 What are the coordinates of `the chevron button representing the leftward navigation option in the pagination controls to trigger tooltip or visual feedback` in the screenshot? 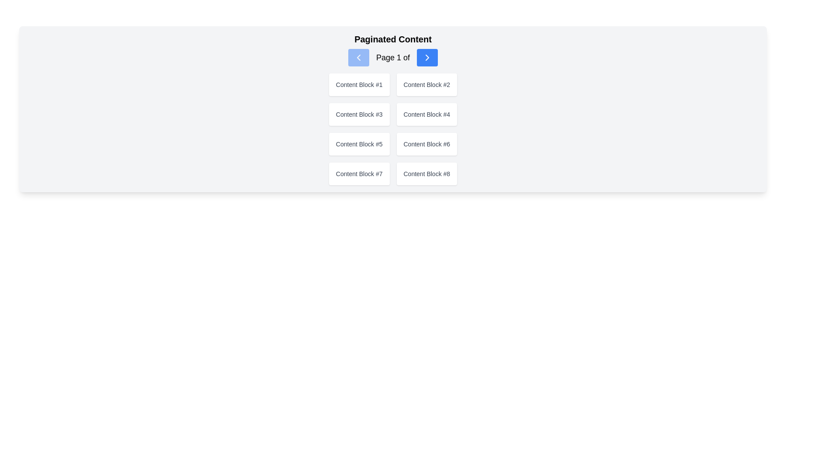 It's located at (358, 57).